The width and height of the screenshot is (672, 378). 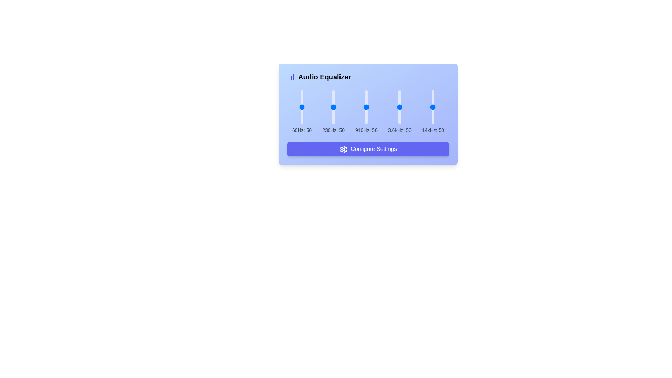 I want to click on the range slider used for adjusting the frequency of 910Hz for keyboard interaction, so click(x=367, y=114).